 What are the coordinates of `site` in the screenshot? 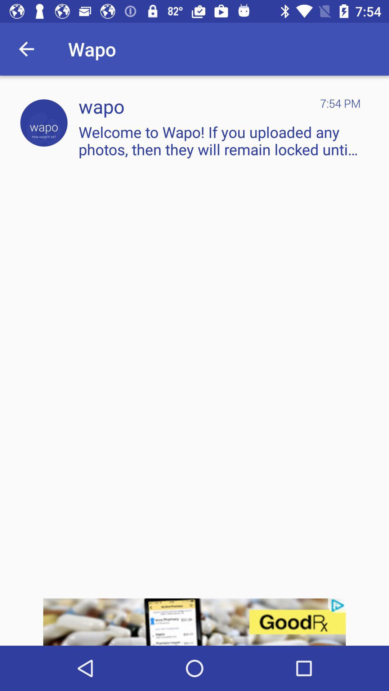 It's located at (44, 123).